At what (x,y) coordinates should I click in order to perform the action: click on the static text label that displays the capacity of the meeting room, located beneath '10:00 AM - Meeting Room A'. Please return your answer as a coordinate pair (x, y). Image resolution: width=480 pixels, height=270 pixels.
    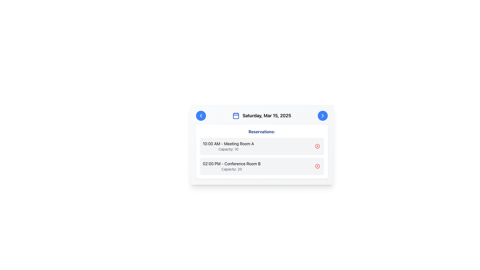
    Looking at the image, I should click on (228, 149).